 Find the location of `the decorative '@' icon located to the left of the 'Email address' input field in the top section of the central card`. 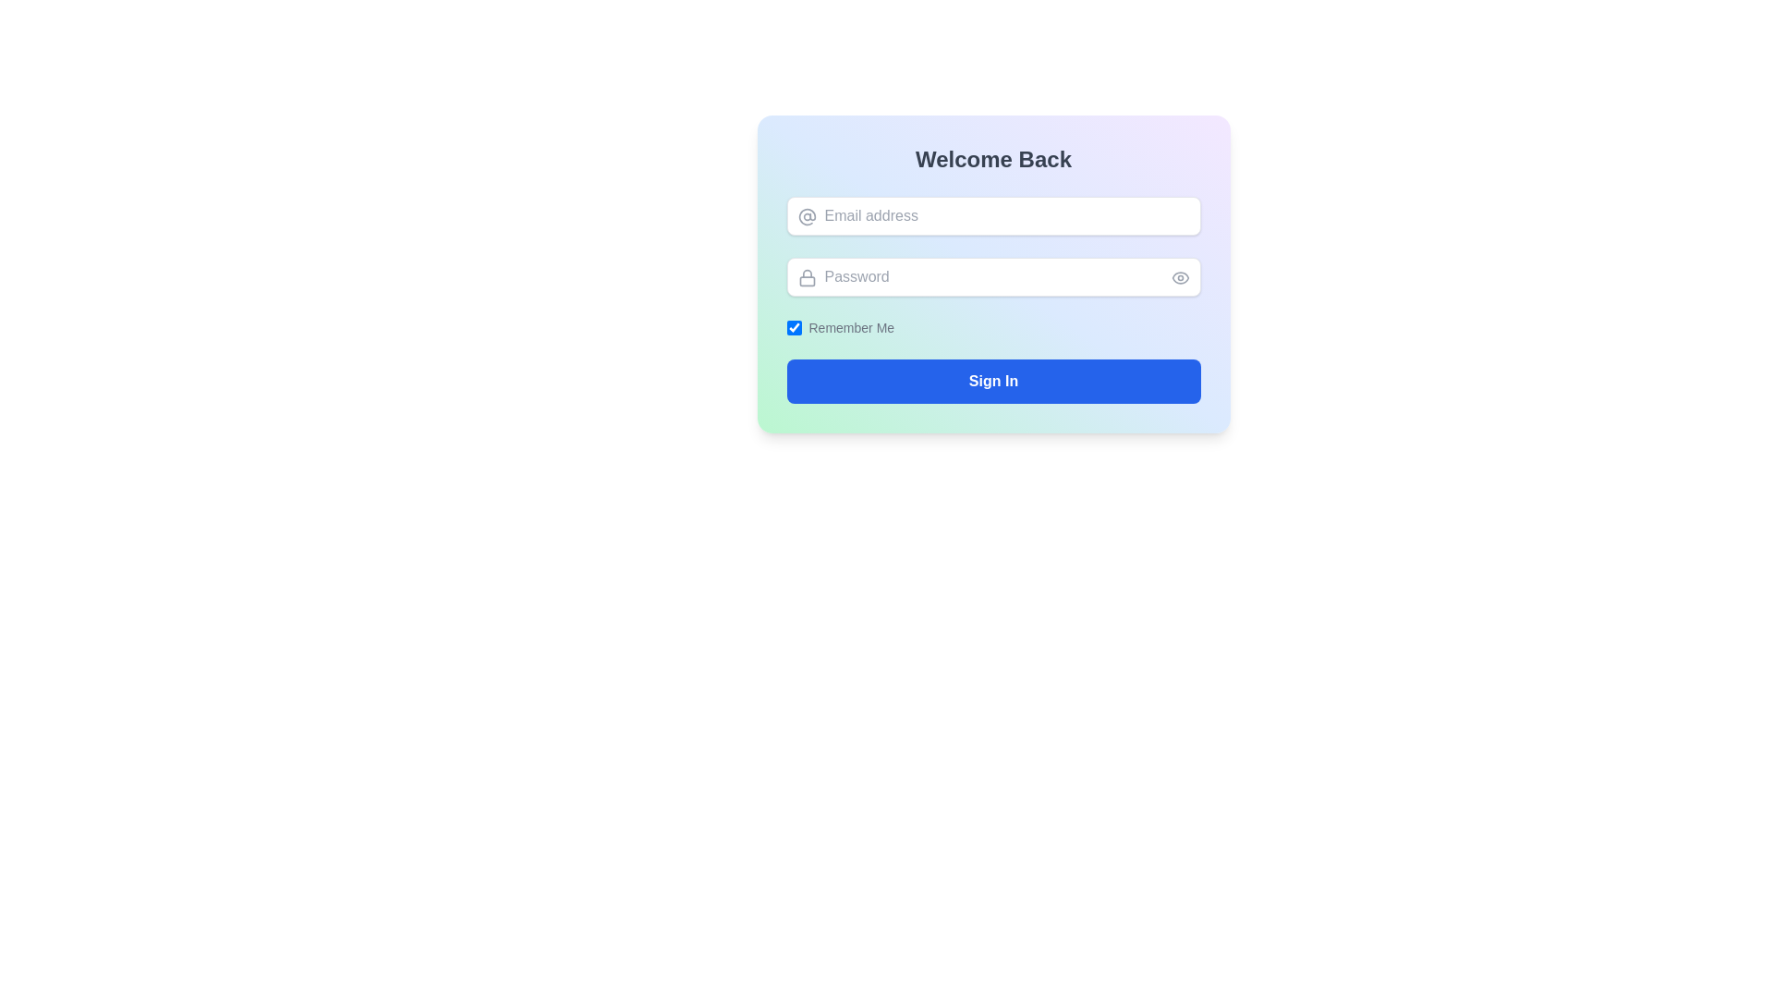

the decorative '@' icon located to the left of the 'Email address' input field in the top section of the central card is located at coordinates (807, 216).